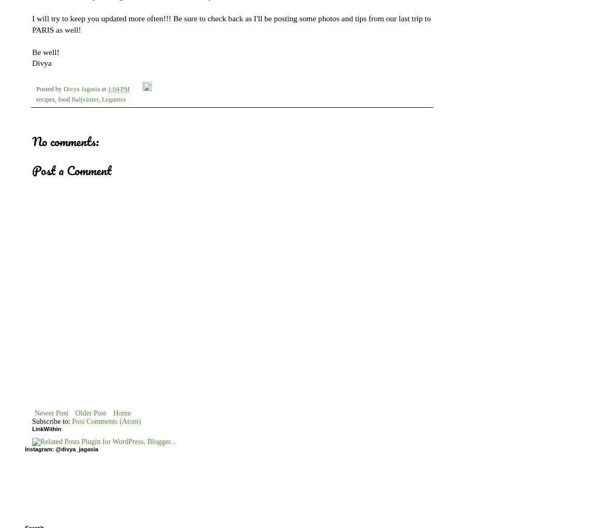 The height and width of the screenshot is (528, 595). I want to click on 'Post Comments (Atom)', so click(106, 421).